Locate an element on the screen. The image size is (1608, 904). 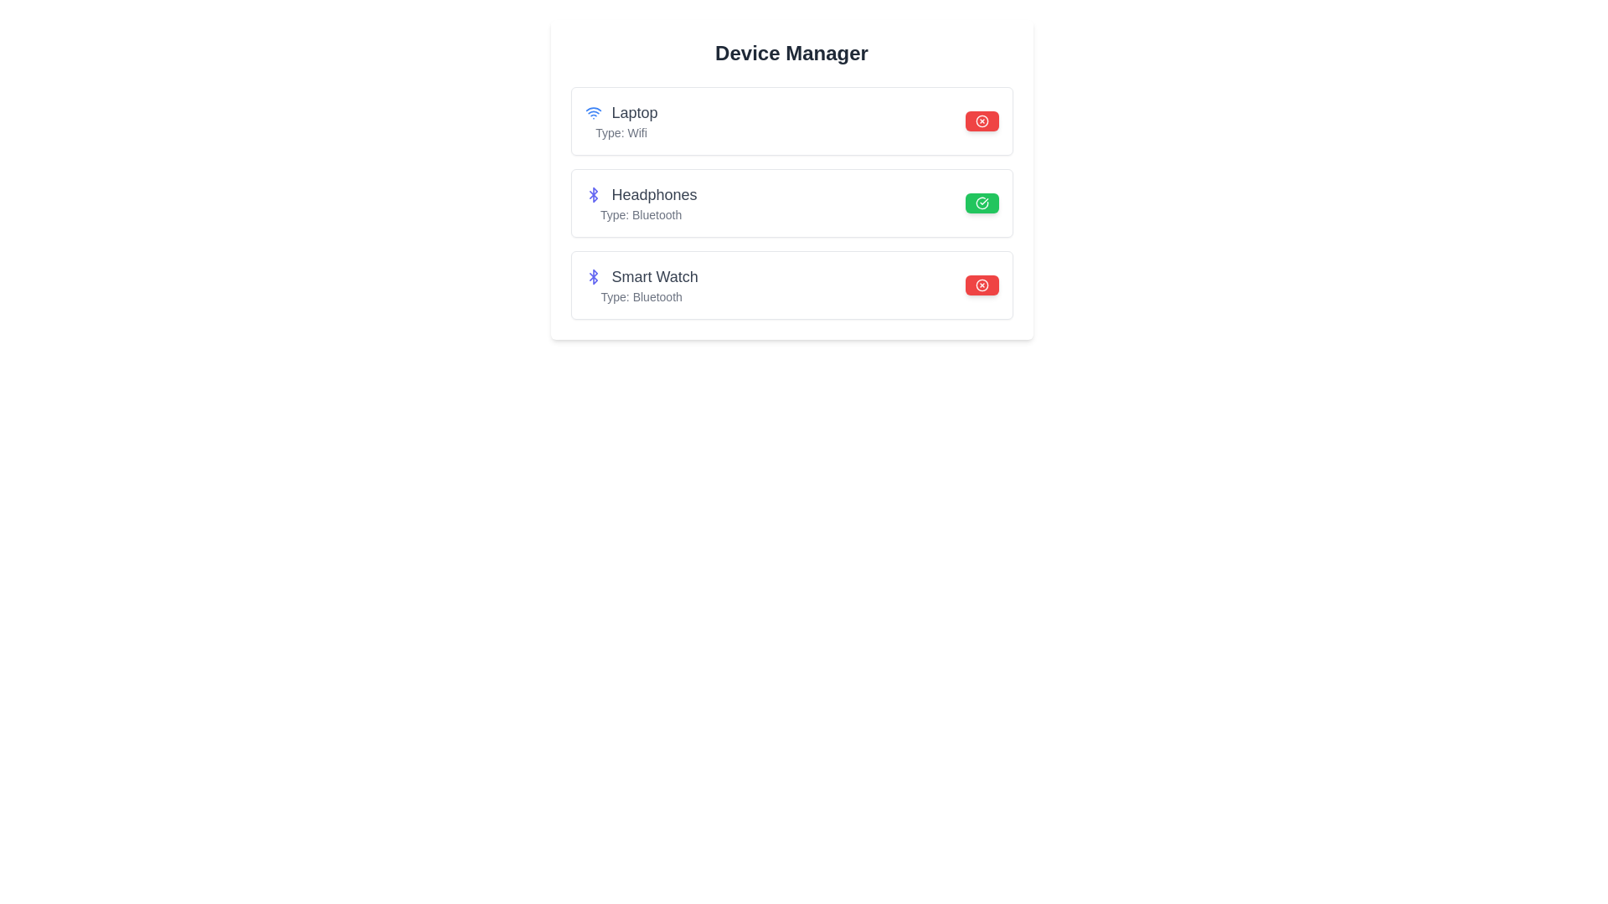
the action button located at the right end of the 'Smart Watch' row in the 'Device Manager' interface is located at coordinates (982, 284).